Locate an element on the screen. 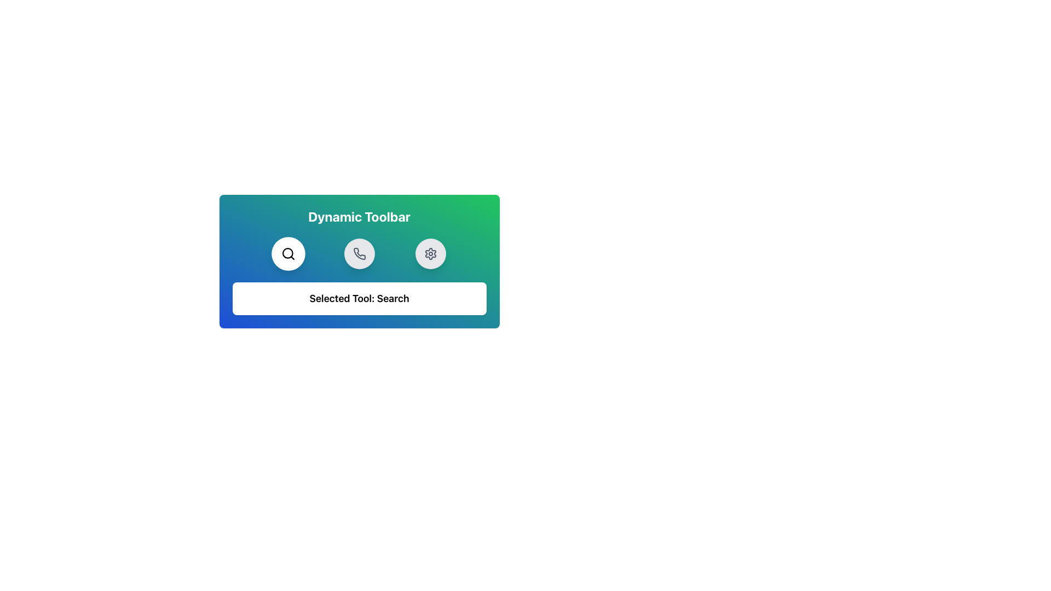 The width and height of the screenshot is (1051, 591). the phone icon in the middle of the Dynamic Toolbar is located at coordinates (359, 253).